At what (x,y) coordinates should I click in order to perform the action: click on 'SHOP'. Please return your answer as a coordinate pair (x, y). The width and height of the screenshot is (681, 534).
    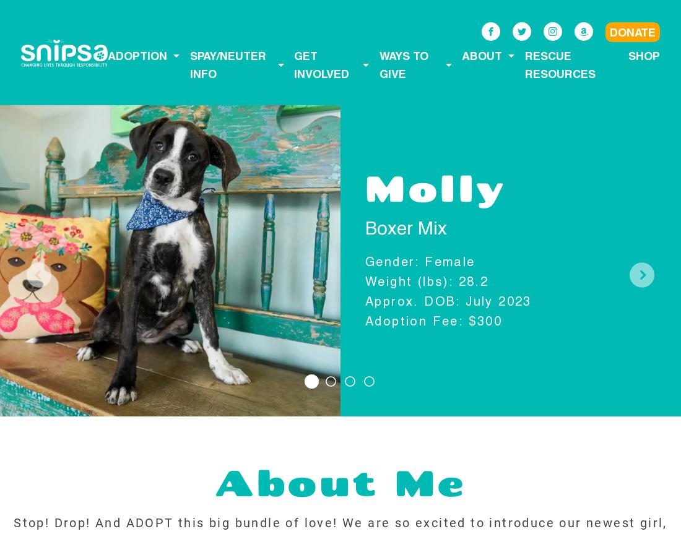
    Looking at the image, I should click on (643, 55).